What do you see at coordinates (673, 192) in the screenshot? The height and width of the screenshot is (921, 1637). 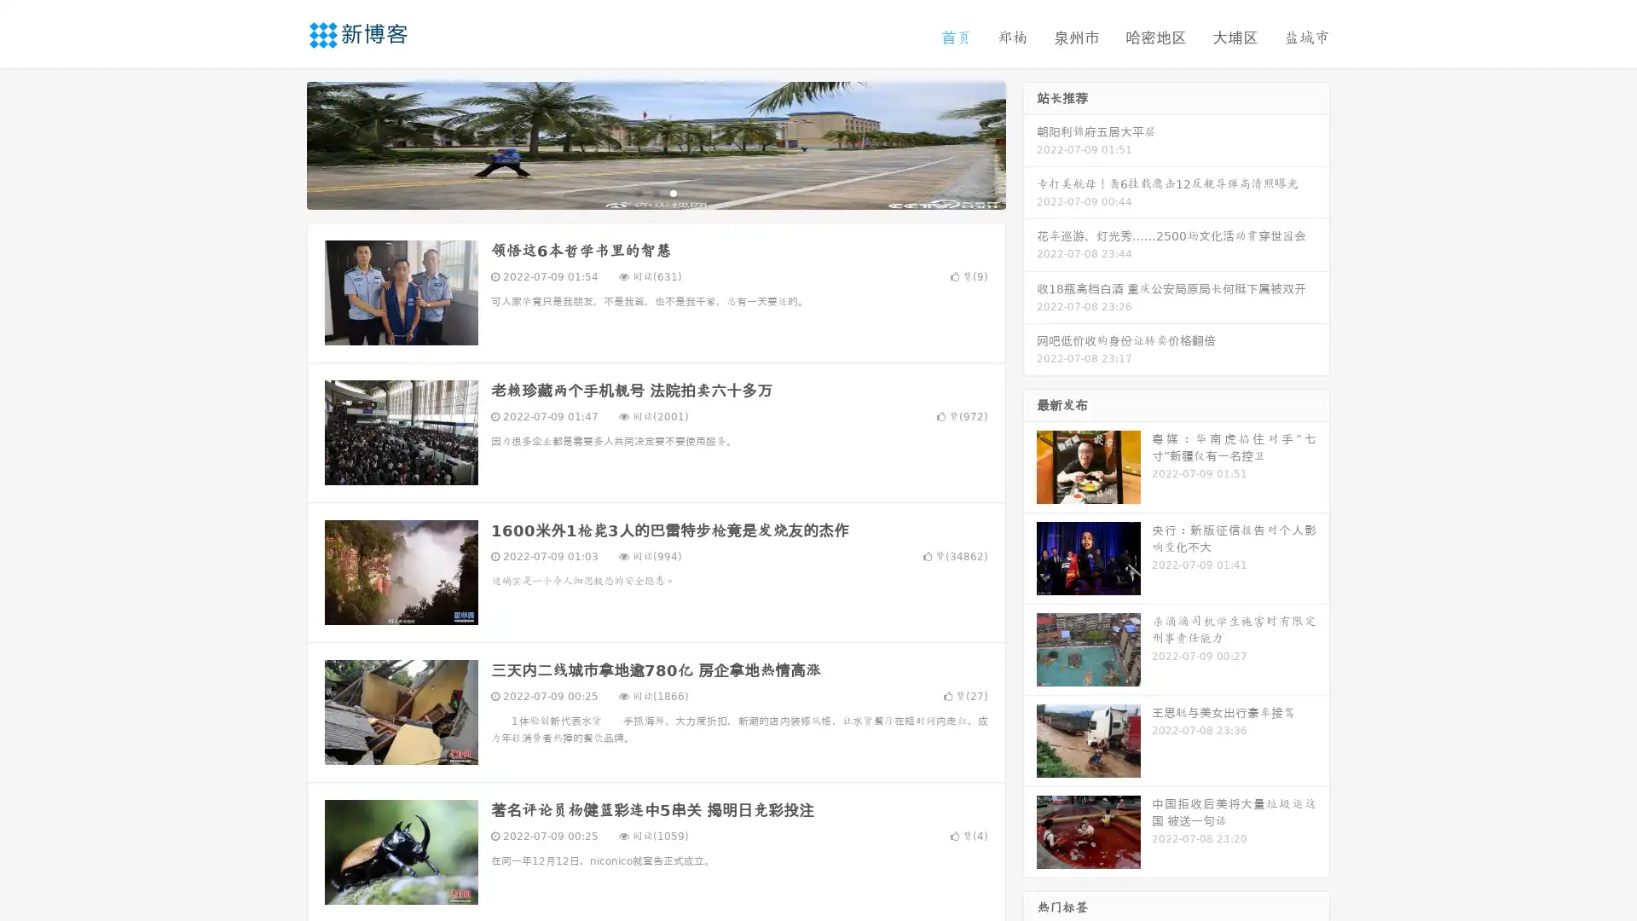 I see `Go to slide 3` at bounding box center [673, 192].